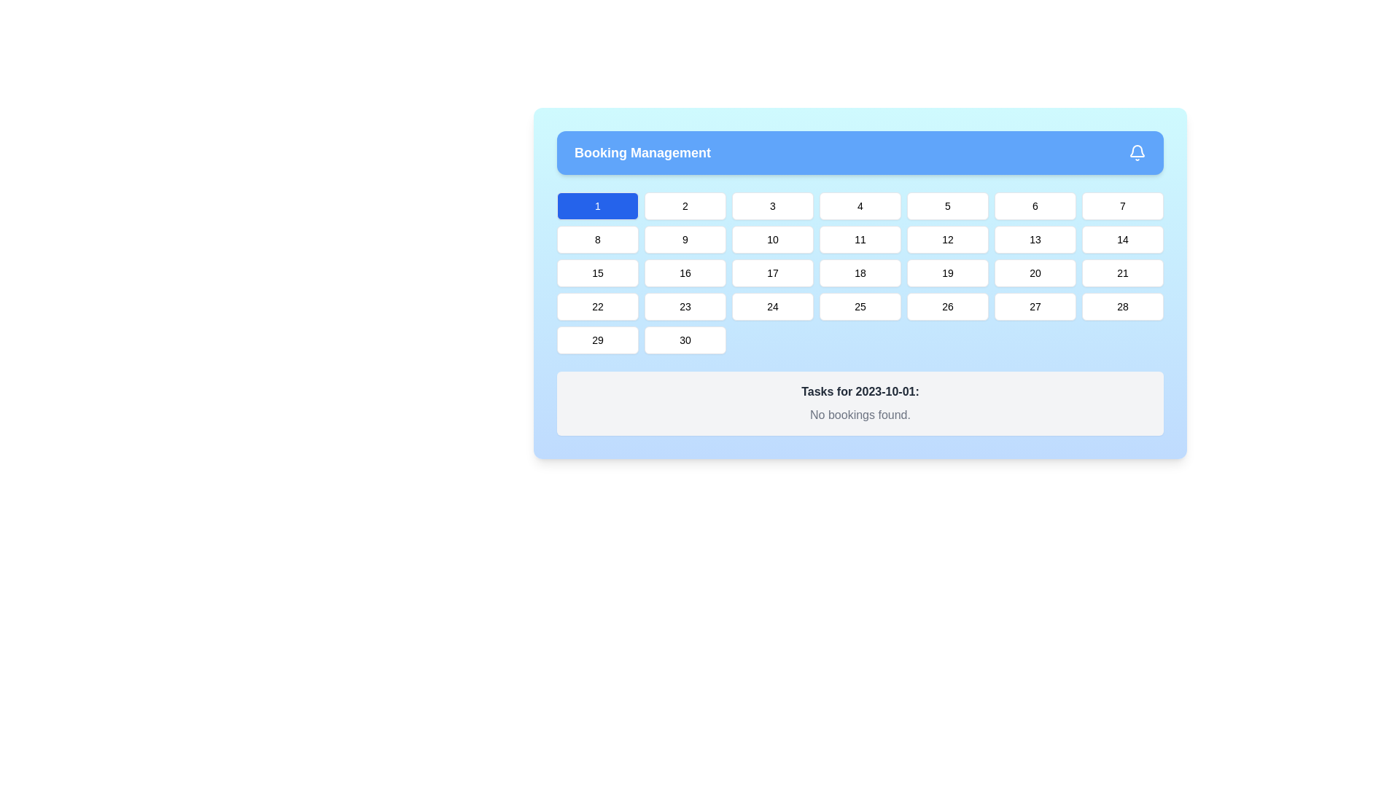 This screenshot has width=1400, height=787. What do you see at coordinates (948, 205) in the screenshot?
I see `the white rectangular button with rounded corners displaying the number '5' in the Booking Management section` at bounding box center [948, 205].